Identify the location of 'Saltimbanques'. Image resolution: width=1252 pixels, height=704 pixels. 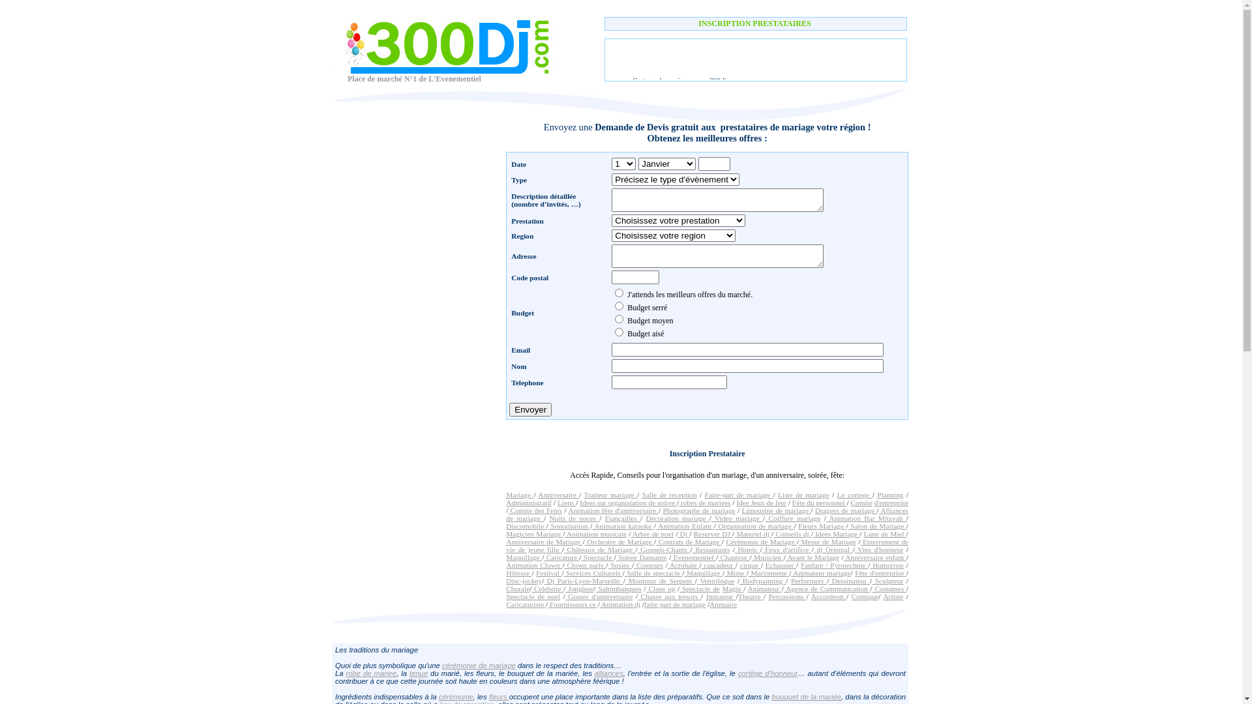
(618, 588).